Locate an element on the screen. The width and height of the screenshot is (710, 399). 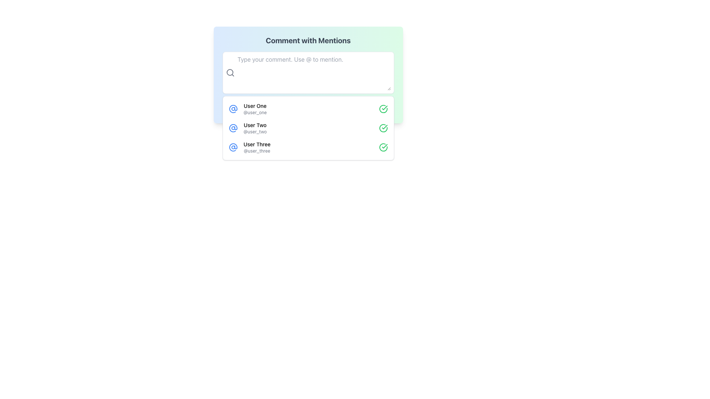
the blue '@' symbol icon located to the left of the text 'User Two' in the mention selection list is located at coordinates (233, 128).